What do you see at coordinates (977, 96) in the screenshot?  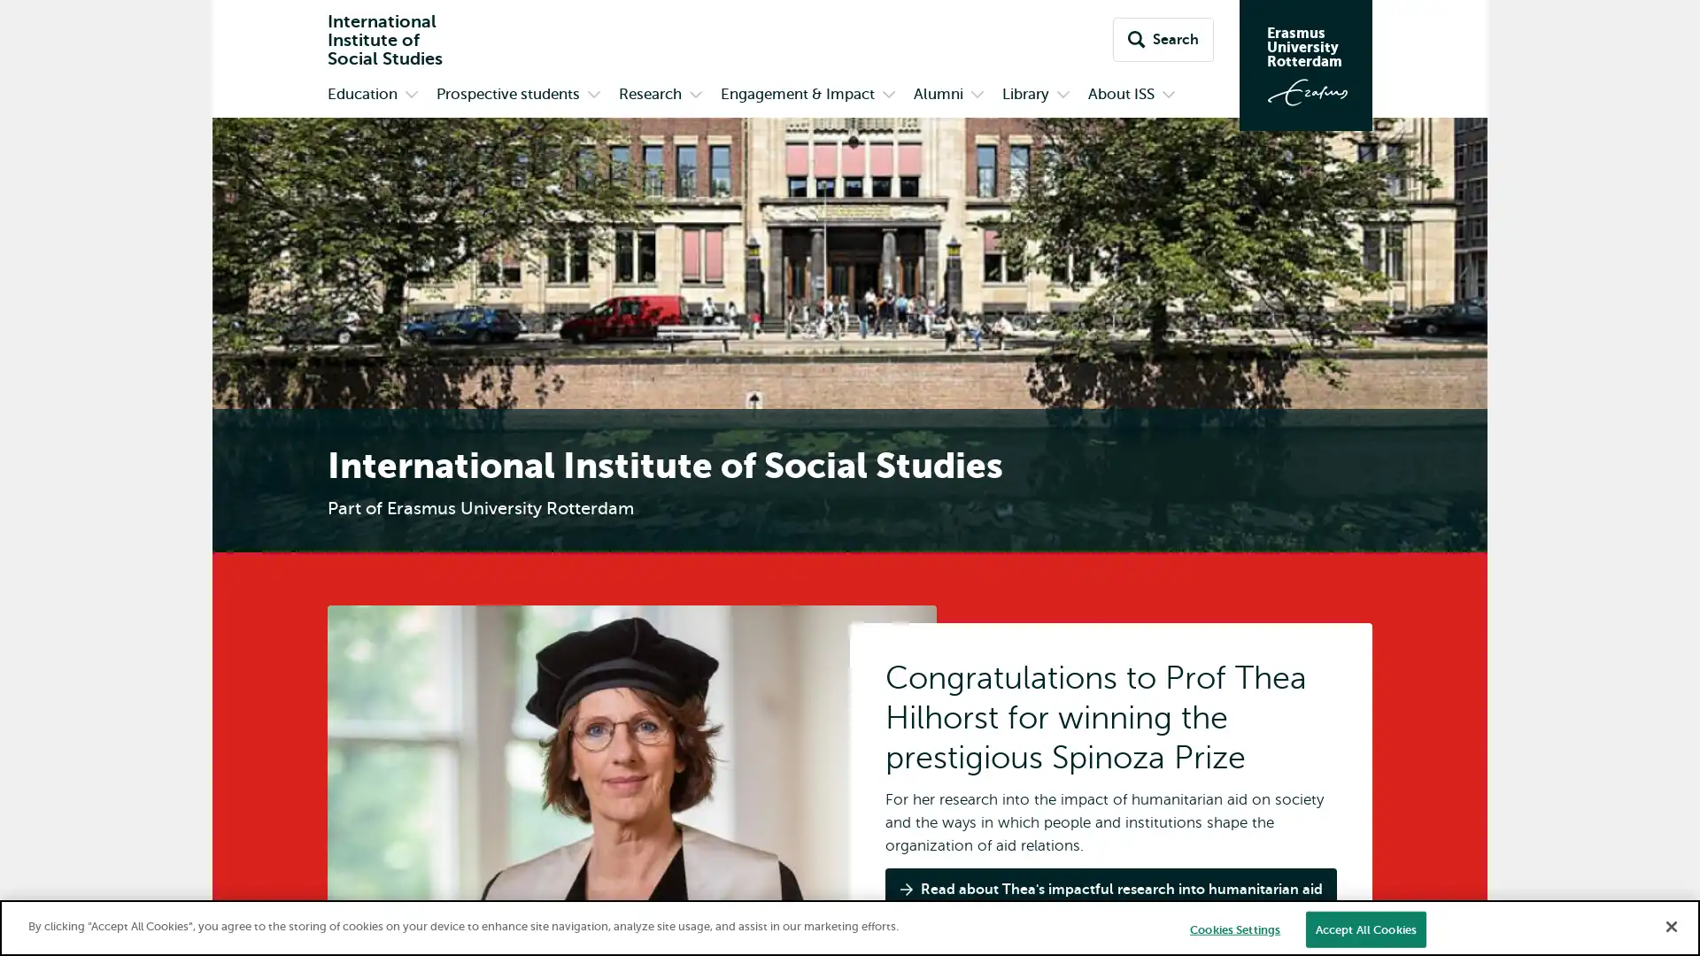 I see `Open submenu` at bounding box center [977, 96].